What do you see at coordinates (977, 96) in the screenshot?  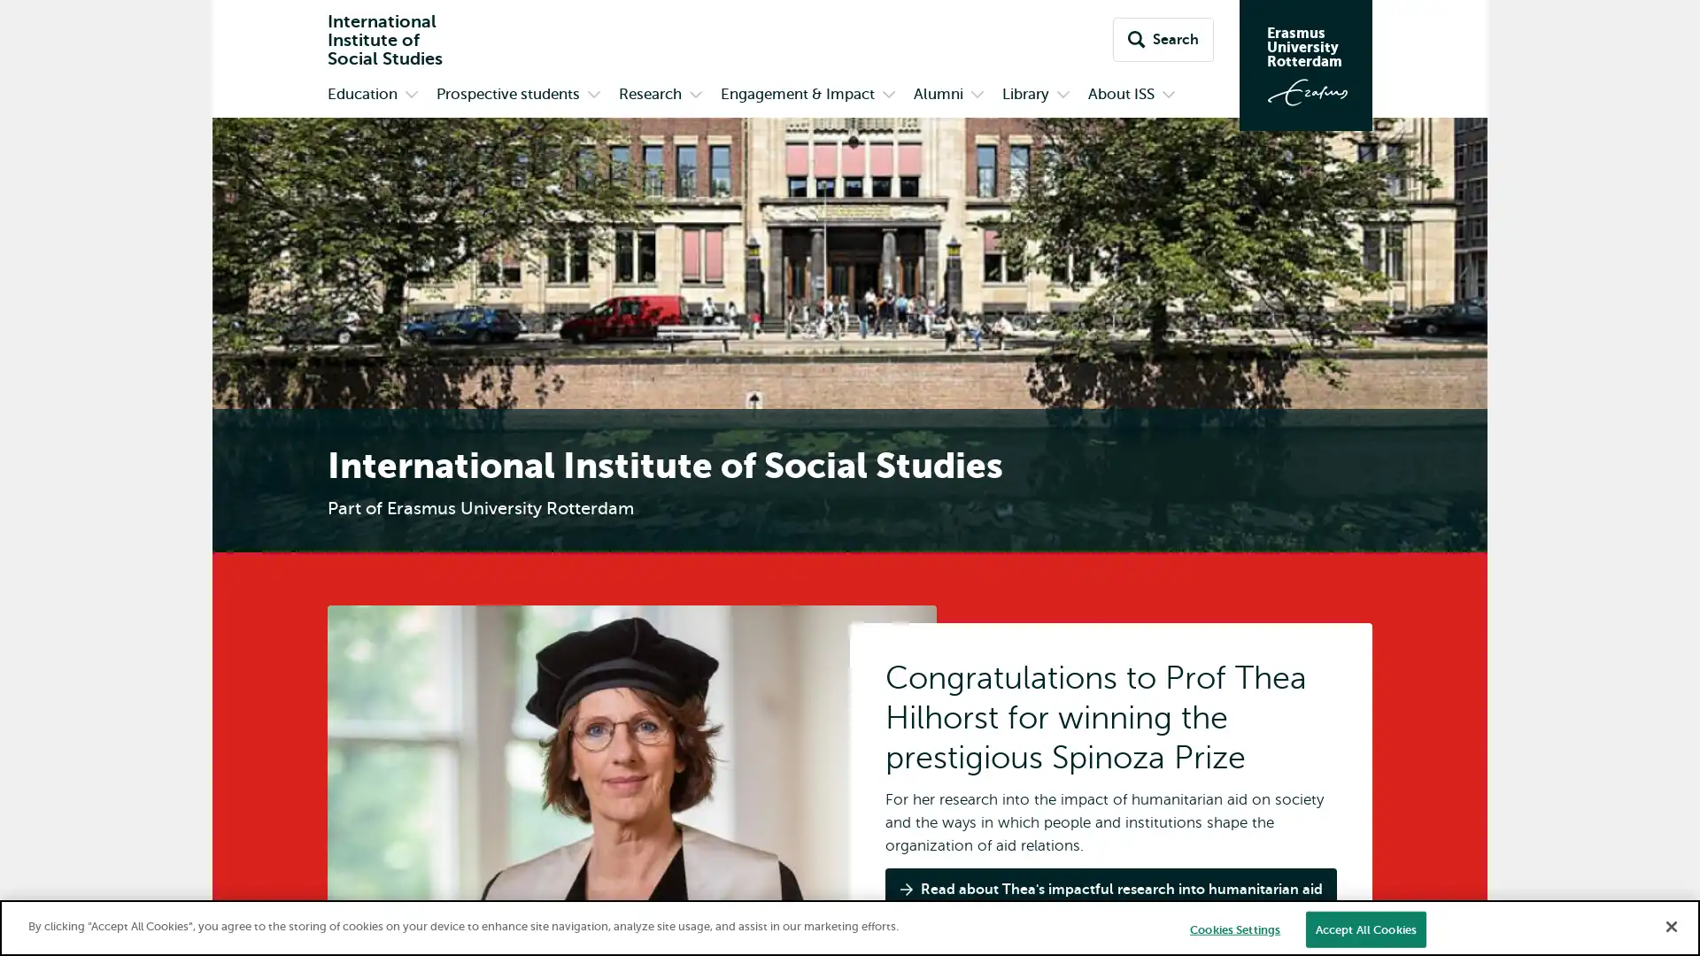 I see `Open submenu` at bounding box center [977, 96].